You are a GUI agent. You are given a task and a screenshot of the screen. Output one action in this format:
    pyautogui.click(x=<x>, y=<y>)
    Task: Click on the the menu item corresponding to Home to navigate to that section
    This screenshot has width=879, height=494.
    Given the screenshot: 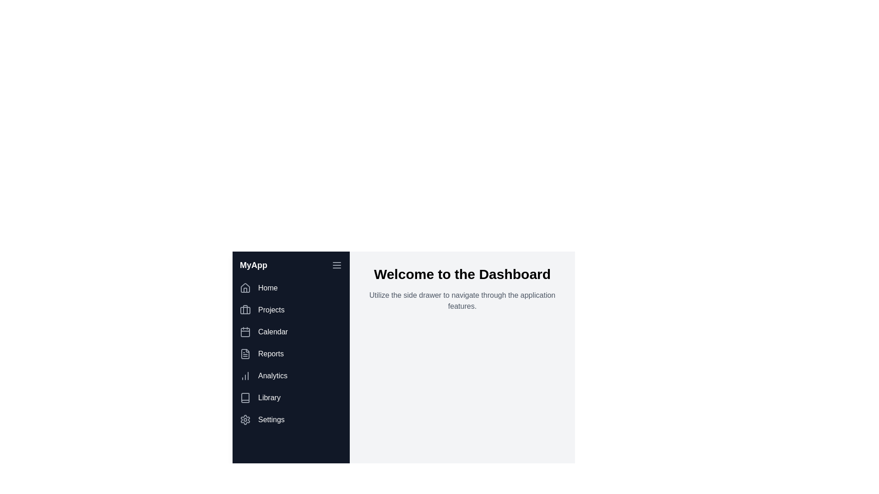 What is the action you would take?
    pyautogui.click(x=290, y=287)
    